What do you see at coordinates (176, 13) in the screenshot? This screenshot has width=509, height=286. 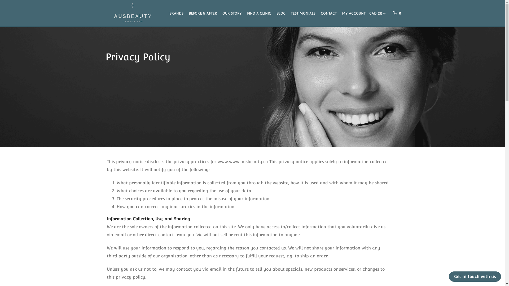 I see `'BRANDS'` at bounding box center [176, 13].